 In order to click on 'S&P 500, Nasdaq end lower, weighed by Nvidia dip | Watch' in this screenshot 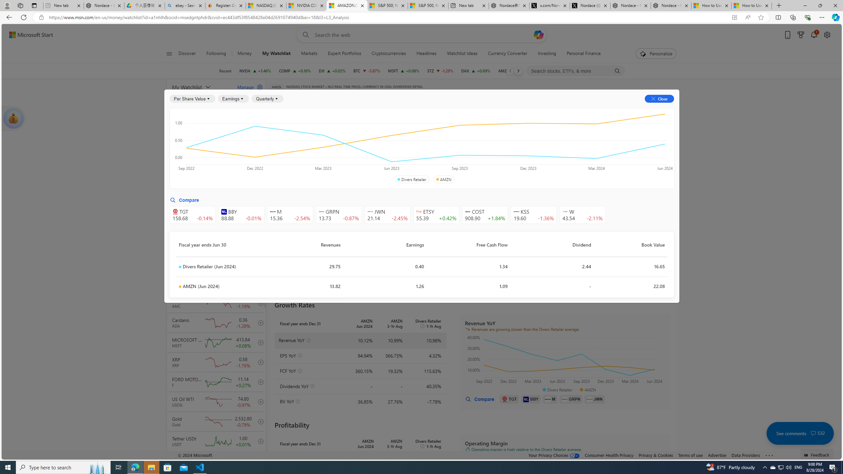, I will do `click(428, 5)`.